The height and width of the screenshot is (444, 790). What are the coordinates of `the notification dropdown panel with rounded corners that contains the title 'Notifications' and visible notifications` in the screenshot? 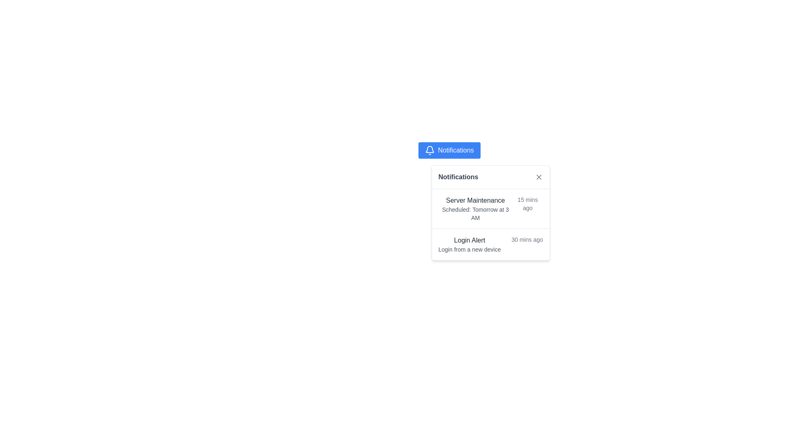 It's located at (490, 212).